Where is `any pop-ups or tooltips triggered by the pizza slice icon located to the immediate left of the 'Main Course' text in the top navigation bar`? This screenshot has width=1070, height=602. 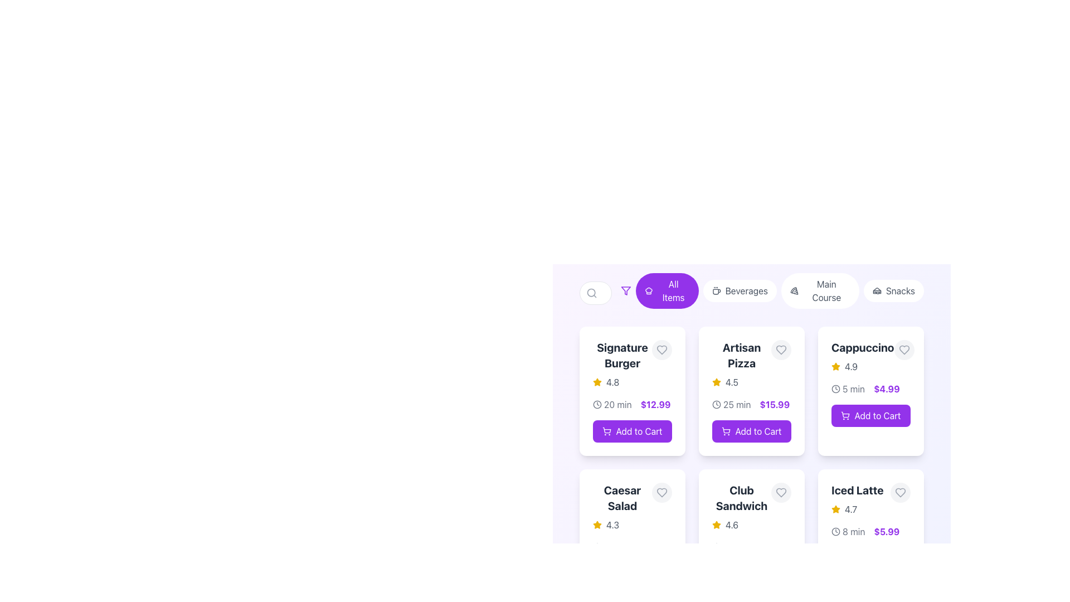 any pop-ups or tooltips triggered by the pizza slice icon located to the immediate left of the 'Main Course' text in the top navigation bar is located at coordinates (794, 290).